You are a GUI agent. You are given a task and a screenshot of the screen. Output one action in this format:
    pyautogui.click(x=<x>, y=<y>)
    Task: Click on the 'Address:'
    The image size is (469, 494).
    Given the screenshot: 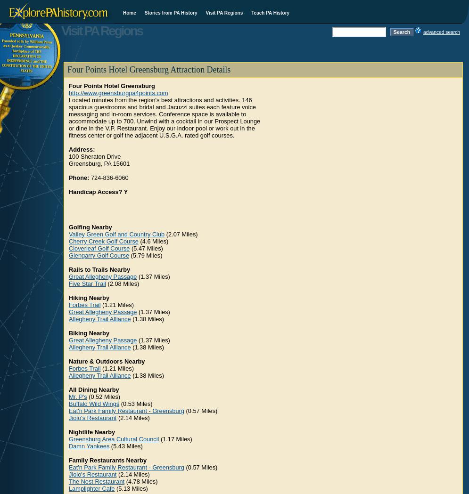 What is the action you would take?
    pyautogui.click(x=82, y=149)
    